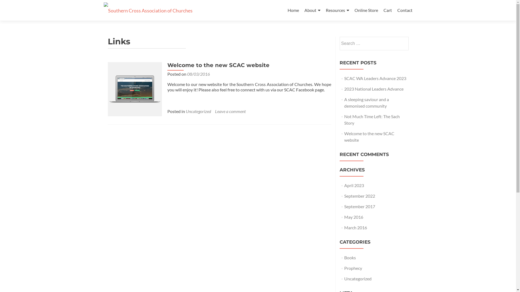 The height and width of the screenshot is (292, 520). What do you see at coordinates (287, 10) in the screenshot?
I see `'Home'` at bounding box center [287, 10].